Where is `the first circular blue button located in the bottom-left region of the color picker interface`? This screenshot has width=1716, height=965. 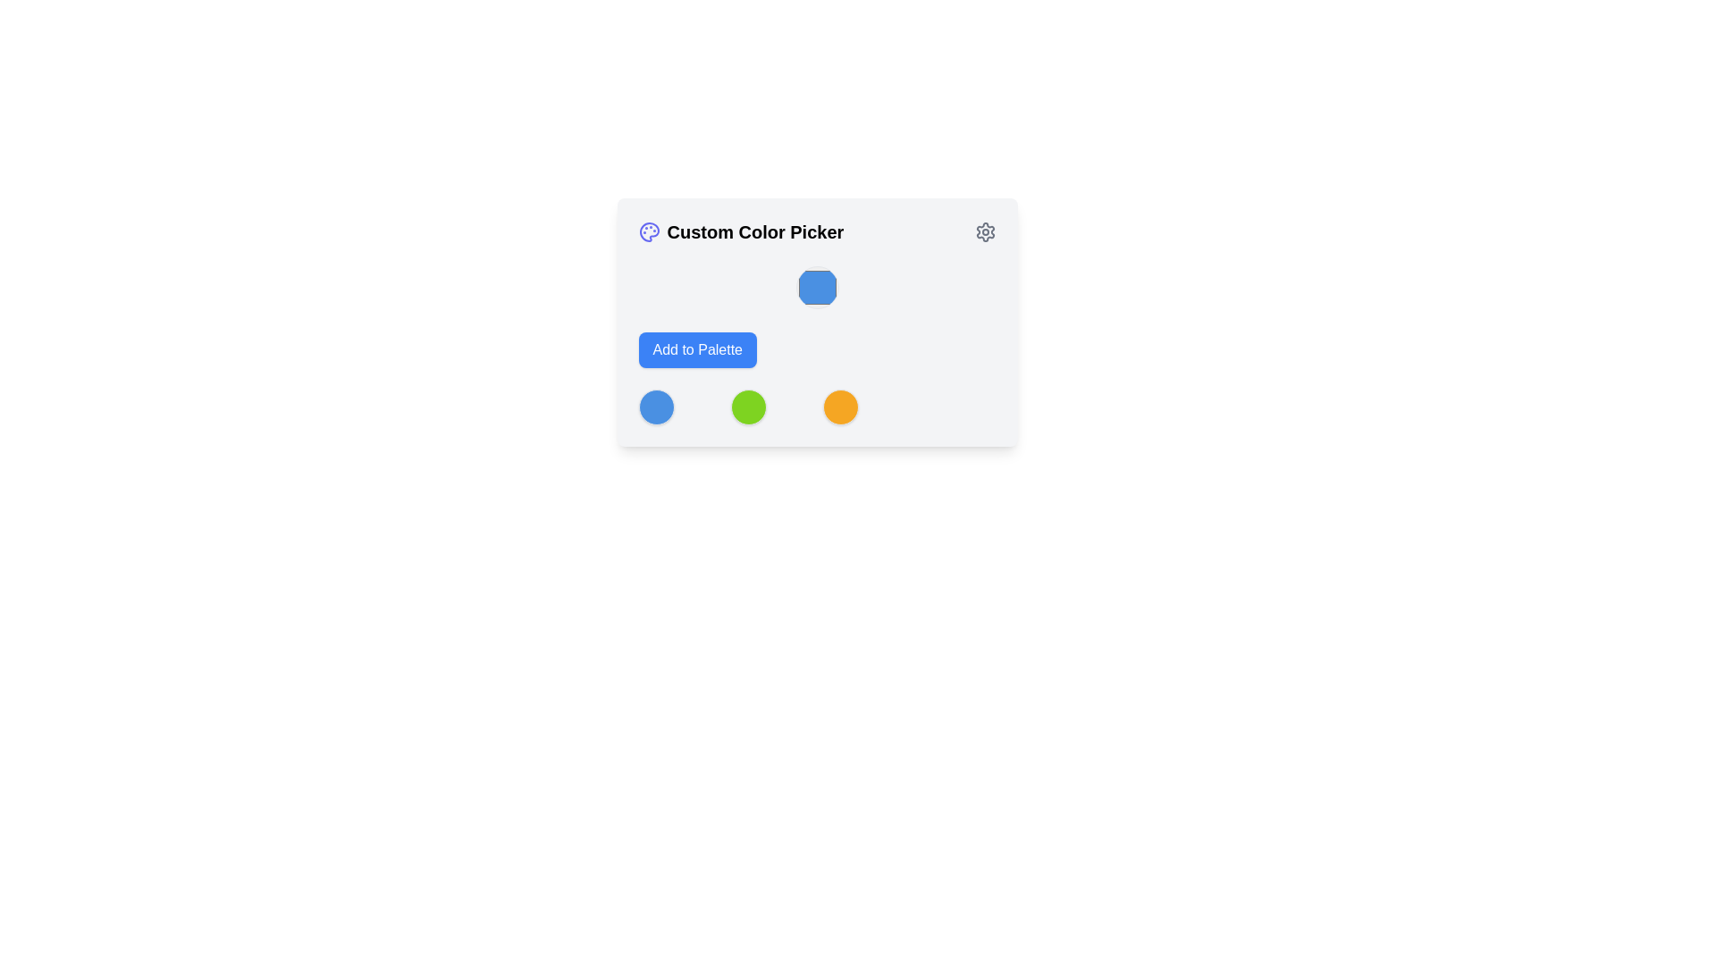 the first circular blue button located in the bottom-left region of the color picker interface is located at coordinates (655, 407).